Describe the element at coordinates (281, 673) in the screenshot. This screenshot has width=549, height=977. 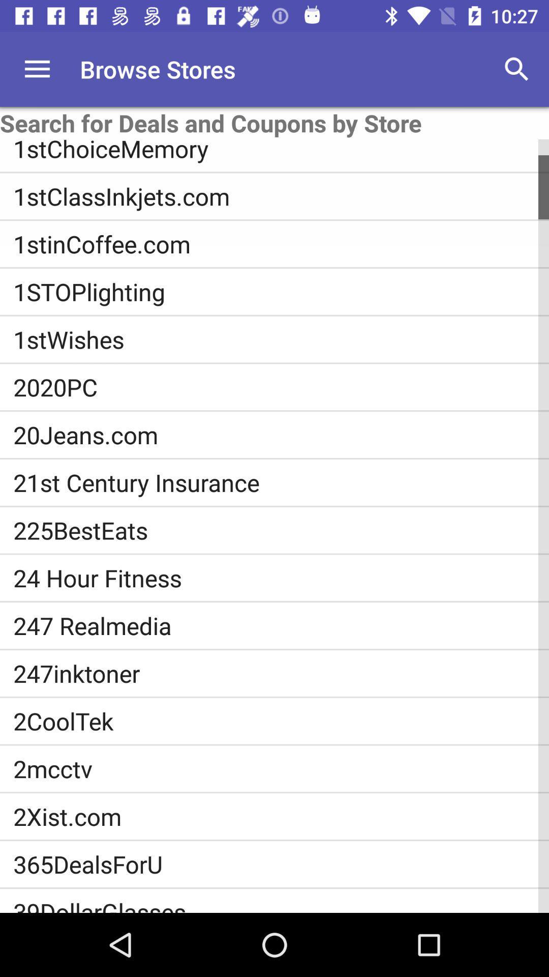
I see `247inktoner` at that location.